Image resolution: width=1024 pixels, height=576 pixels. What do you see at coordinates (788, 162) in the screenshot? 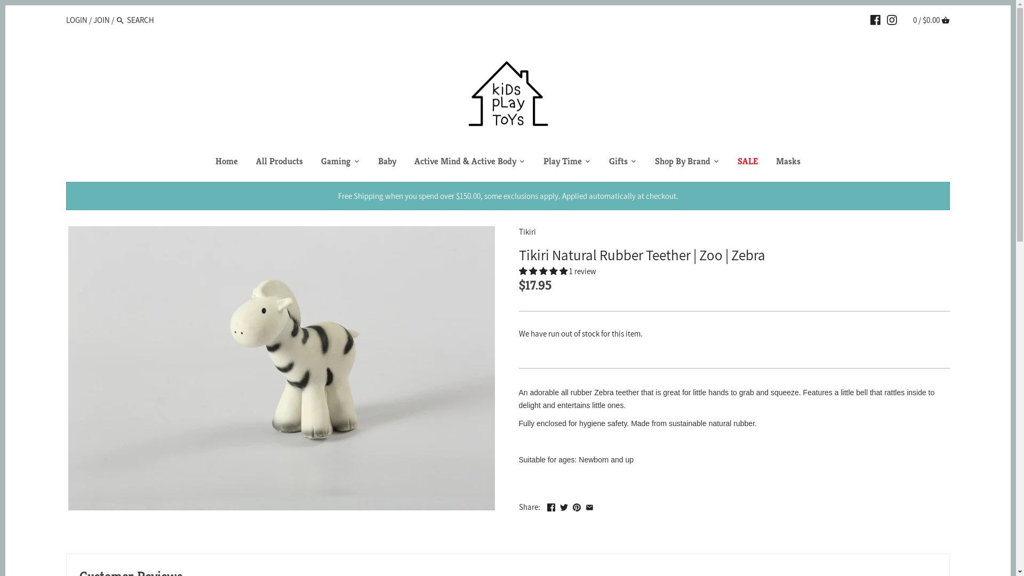
I see `'Masks'` at bounding box center [788, 162].